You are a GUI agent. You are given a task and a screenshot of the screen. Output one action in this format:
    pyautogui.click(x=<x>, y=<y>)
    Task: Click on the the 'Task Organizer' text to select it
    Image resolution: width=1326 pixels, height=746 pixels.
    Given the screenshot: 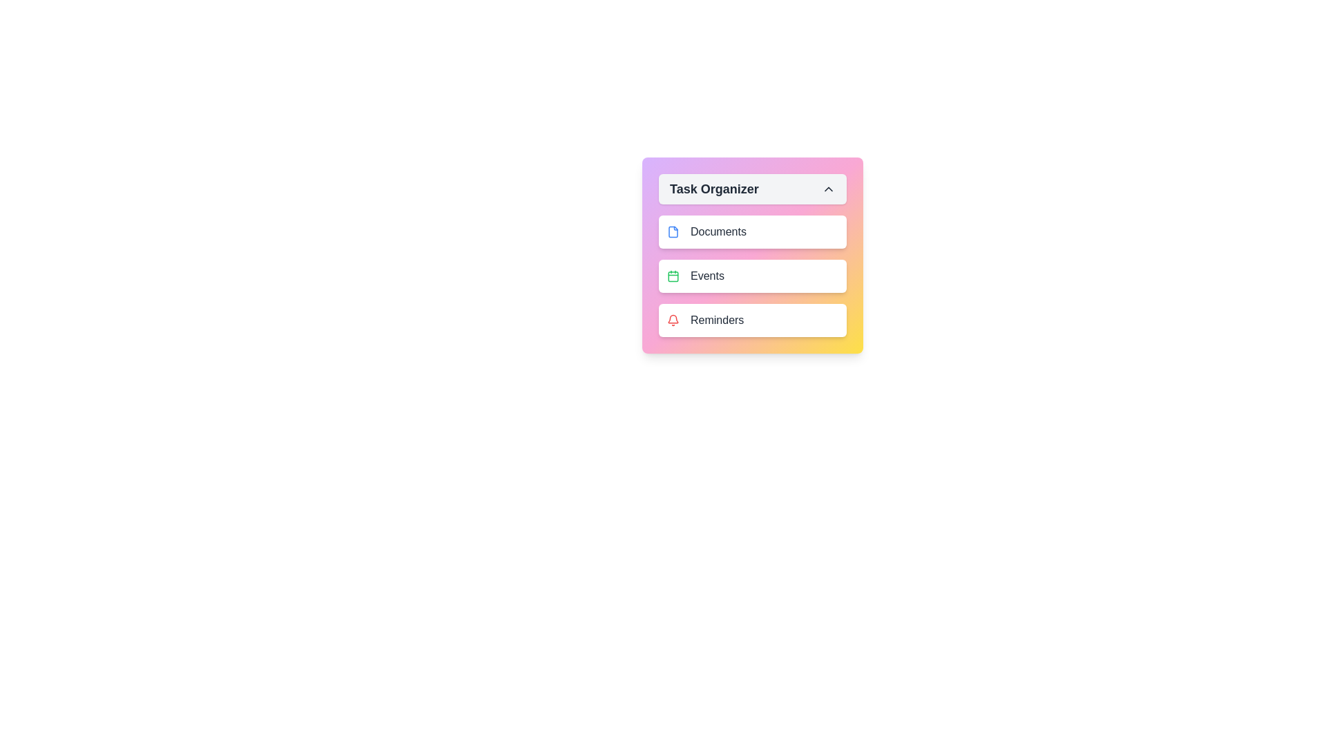 What is the action you would take?
    pyautogui.click(x=751, y=189)
    